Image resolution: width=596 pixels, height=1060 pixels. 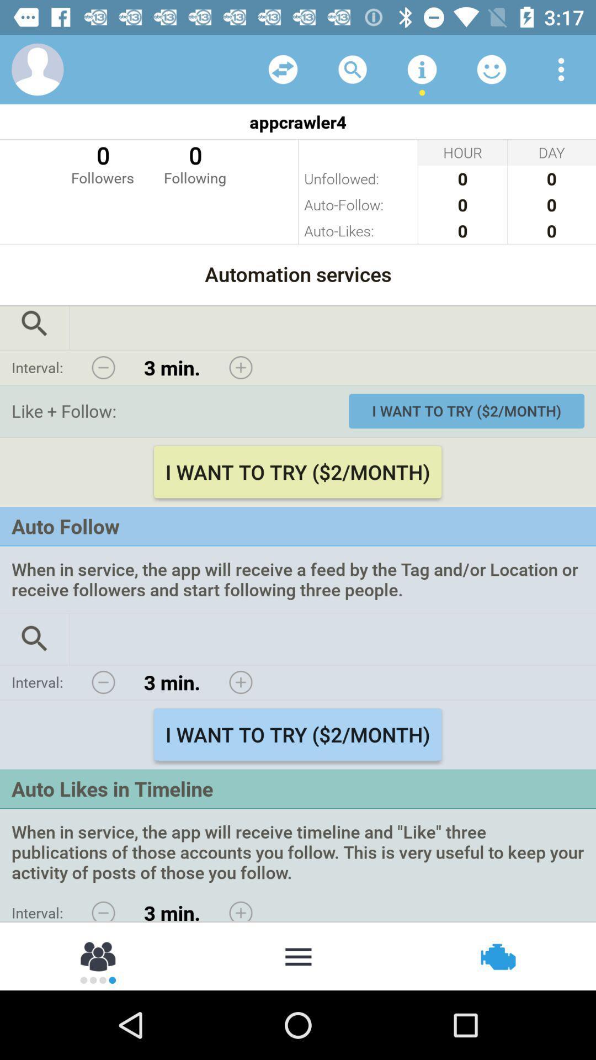 What do you see at coordinates (240, 682) in the screenshot?
I see `time` at bounding box center [240, 682].